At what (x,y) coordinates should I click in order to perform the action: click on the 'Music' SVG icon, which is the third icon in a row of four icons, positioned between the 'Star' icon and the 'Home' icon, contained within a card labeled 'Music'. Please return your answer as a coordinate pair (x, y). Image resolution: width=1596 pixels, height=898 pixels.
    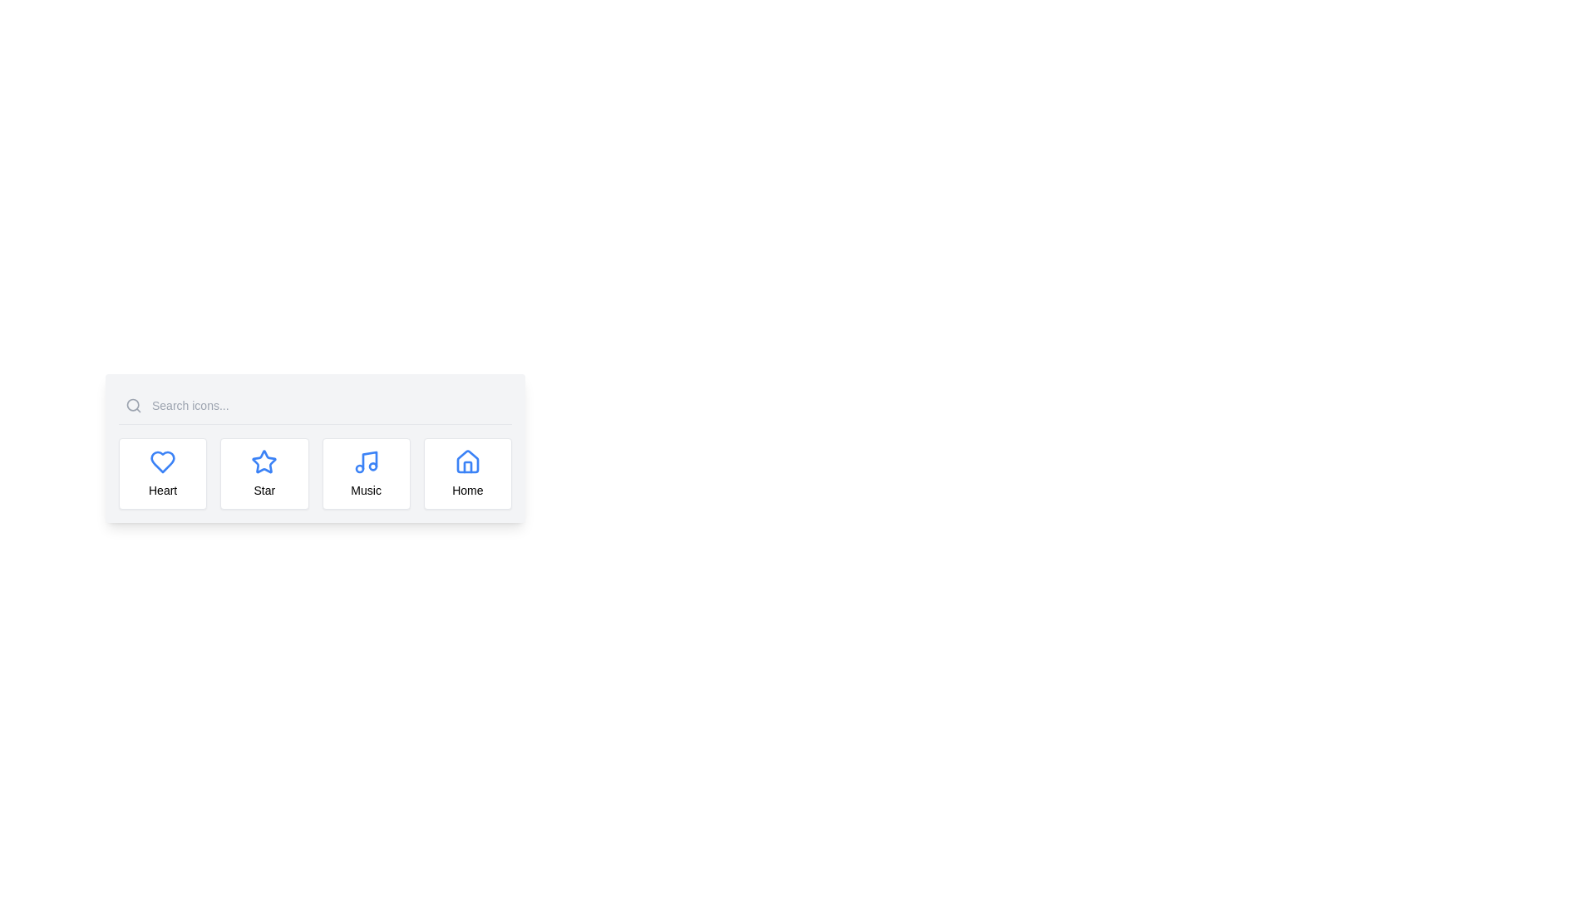
    Looking at the image, I should click on (365, 461).